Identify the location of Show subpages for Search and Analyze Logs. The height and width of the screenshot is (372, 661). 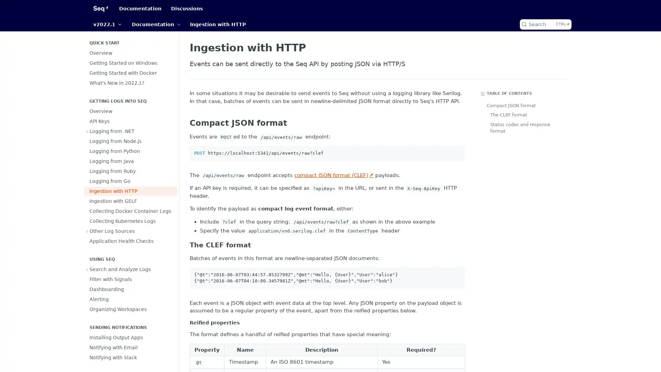
(87, 269).